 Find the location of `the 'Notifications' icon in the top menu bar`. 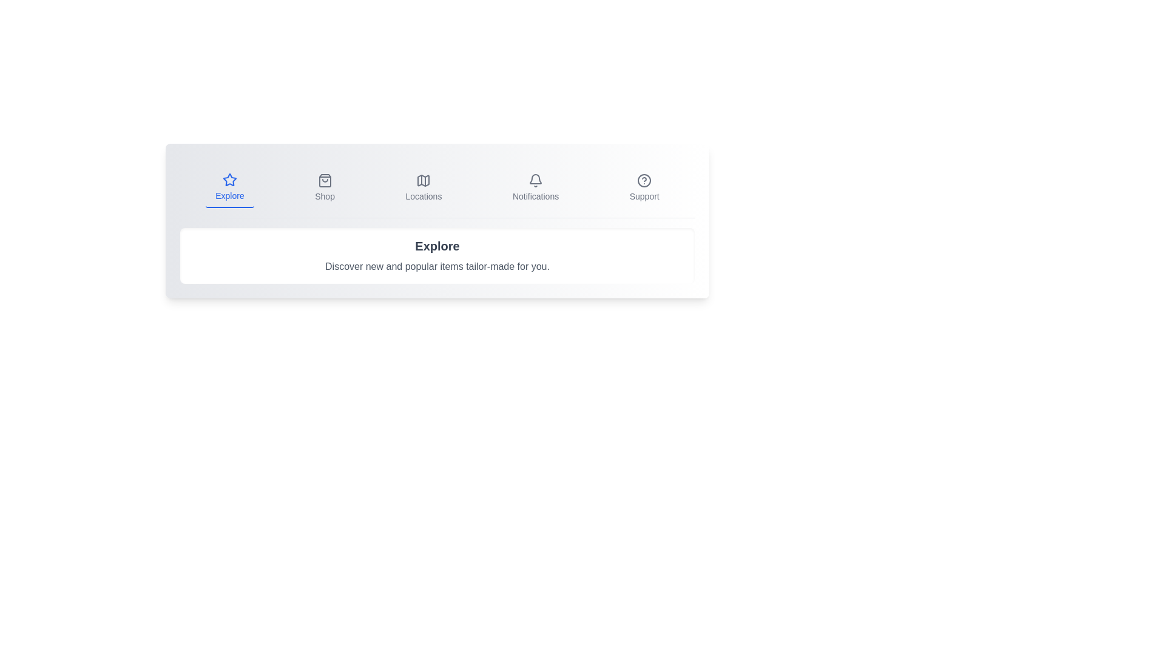

the 'Notifications' icon in the top menu bar is located at coordinates (535, 179).